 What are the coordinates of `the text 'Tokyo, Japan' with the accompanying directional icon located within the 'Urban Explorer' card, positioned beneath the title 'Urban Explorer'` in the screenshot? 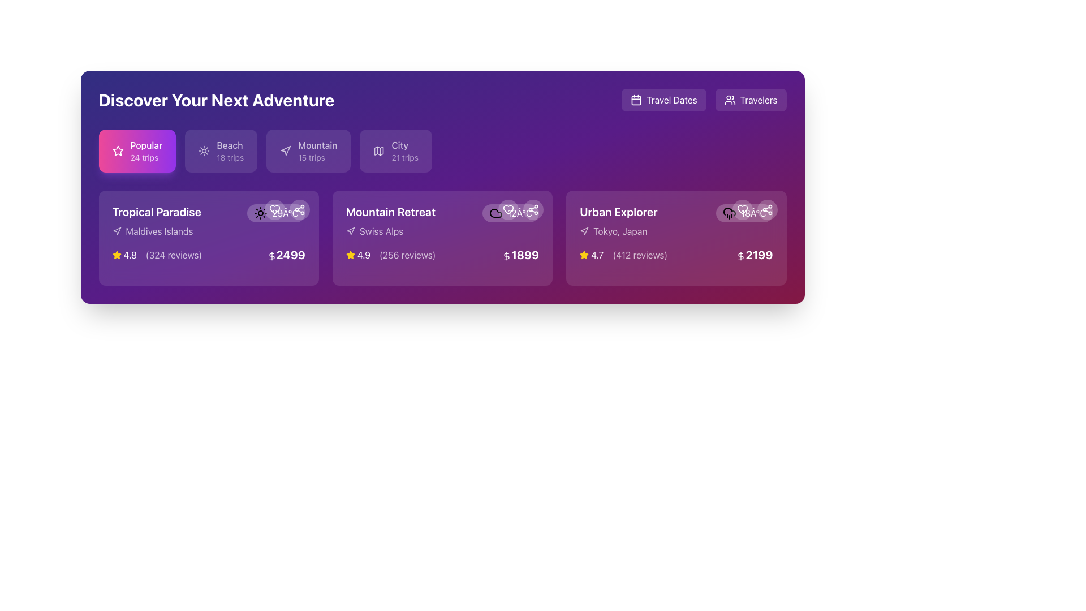 It's located at (618, 230).